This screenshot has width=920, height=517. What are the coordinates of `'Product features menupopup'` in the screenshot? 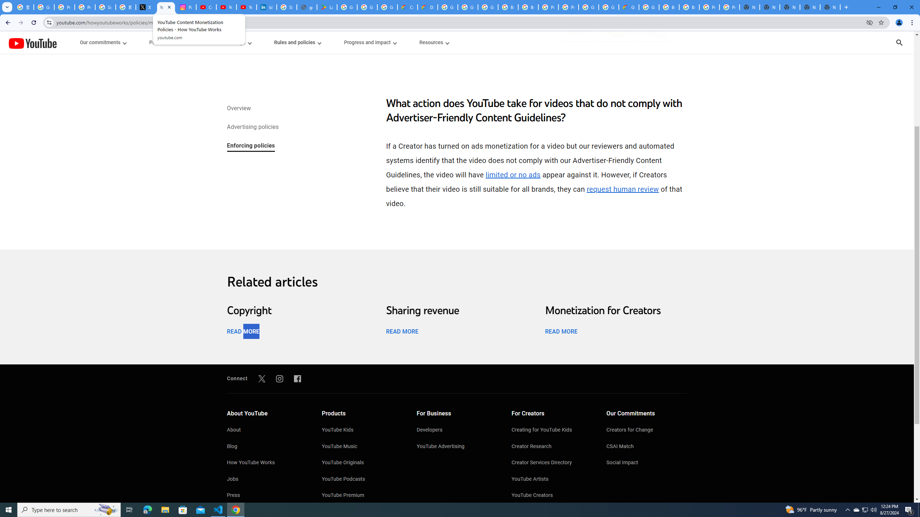 It's located at (170, 42).